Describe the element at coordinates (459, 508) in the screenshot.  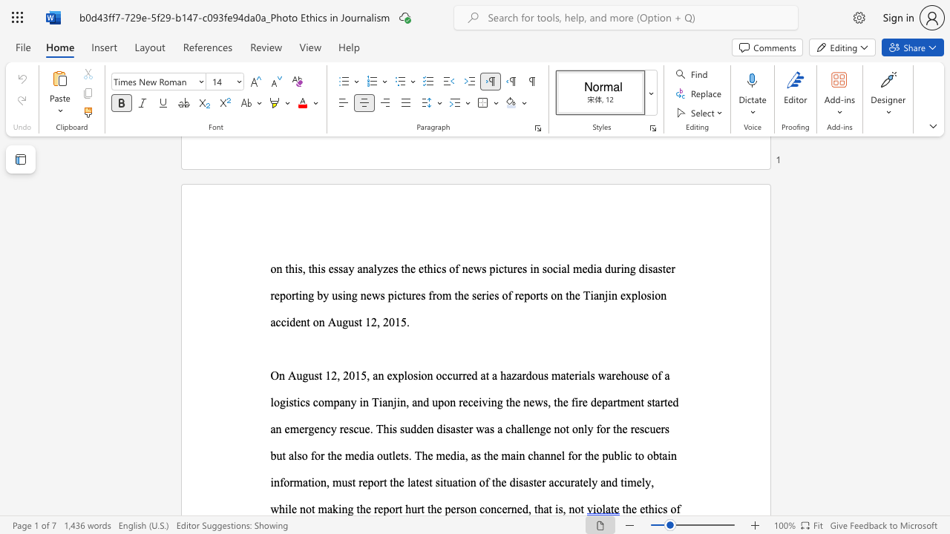
I see `the subset text "son concerned, that is," within the text ", while not making the report hurt the person concerned, that is, not"` at that location.